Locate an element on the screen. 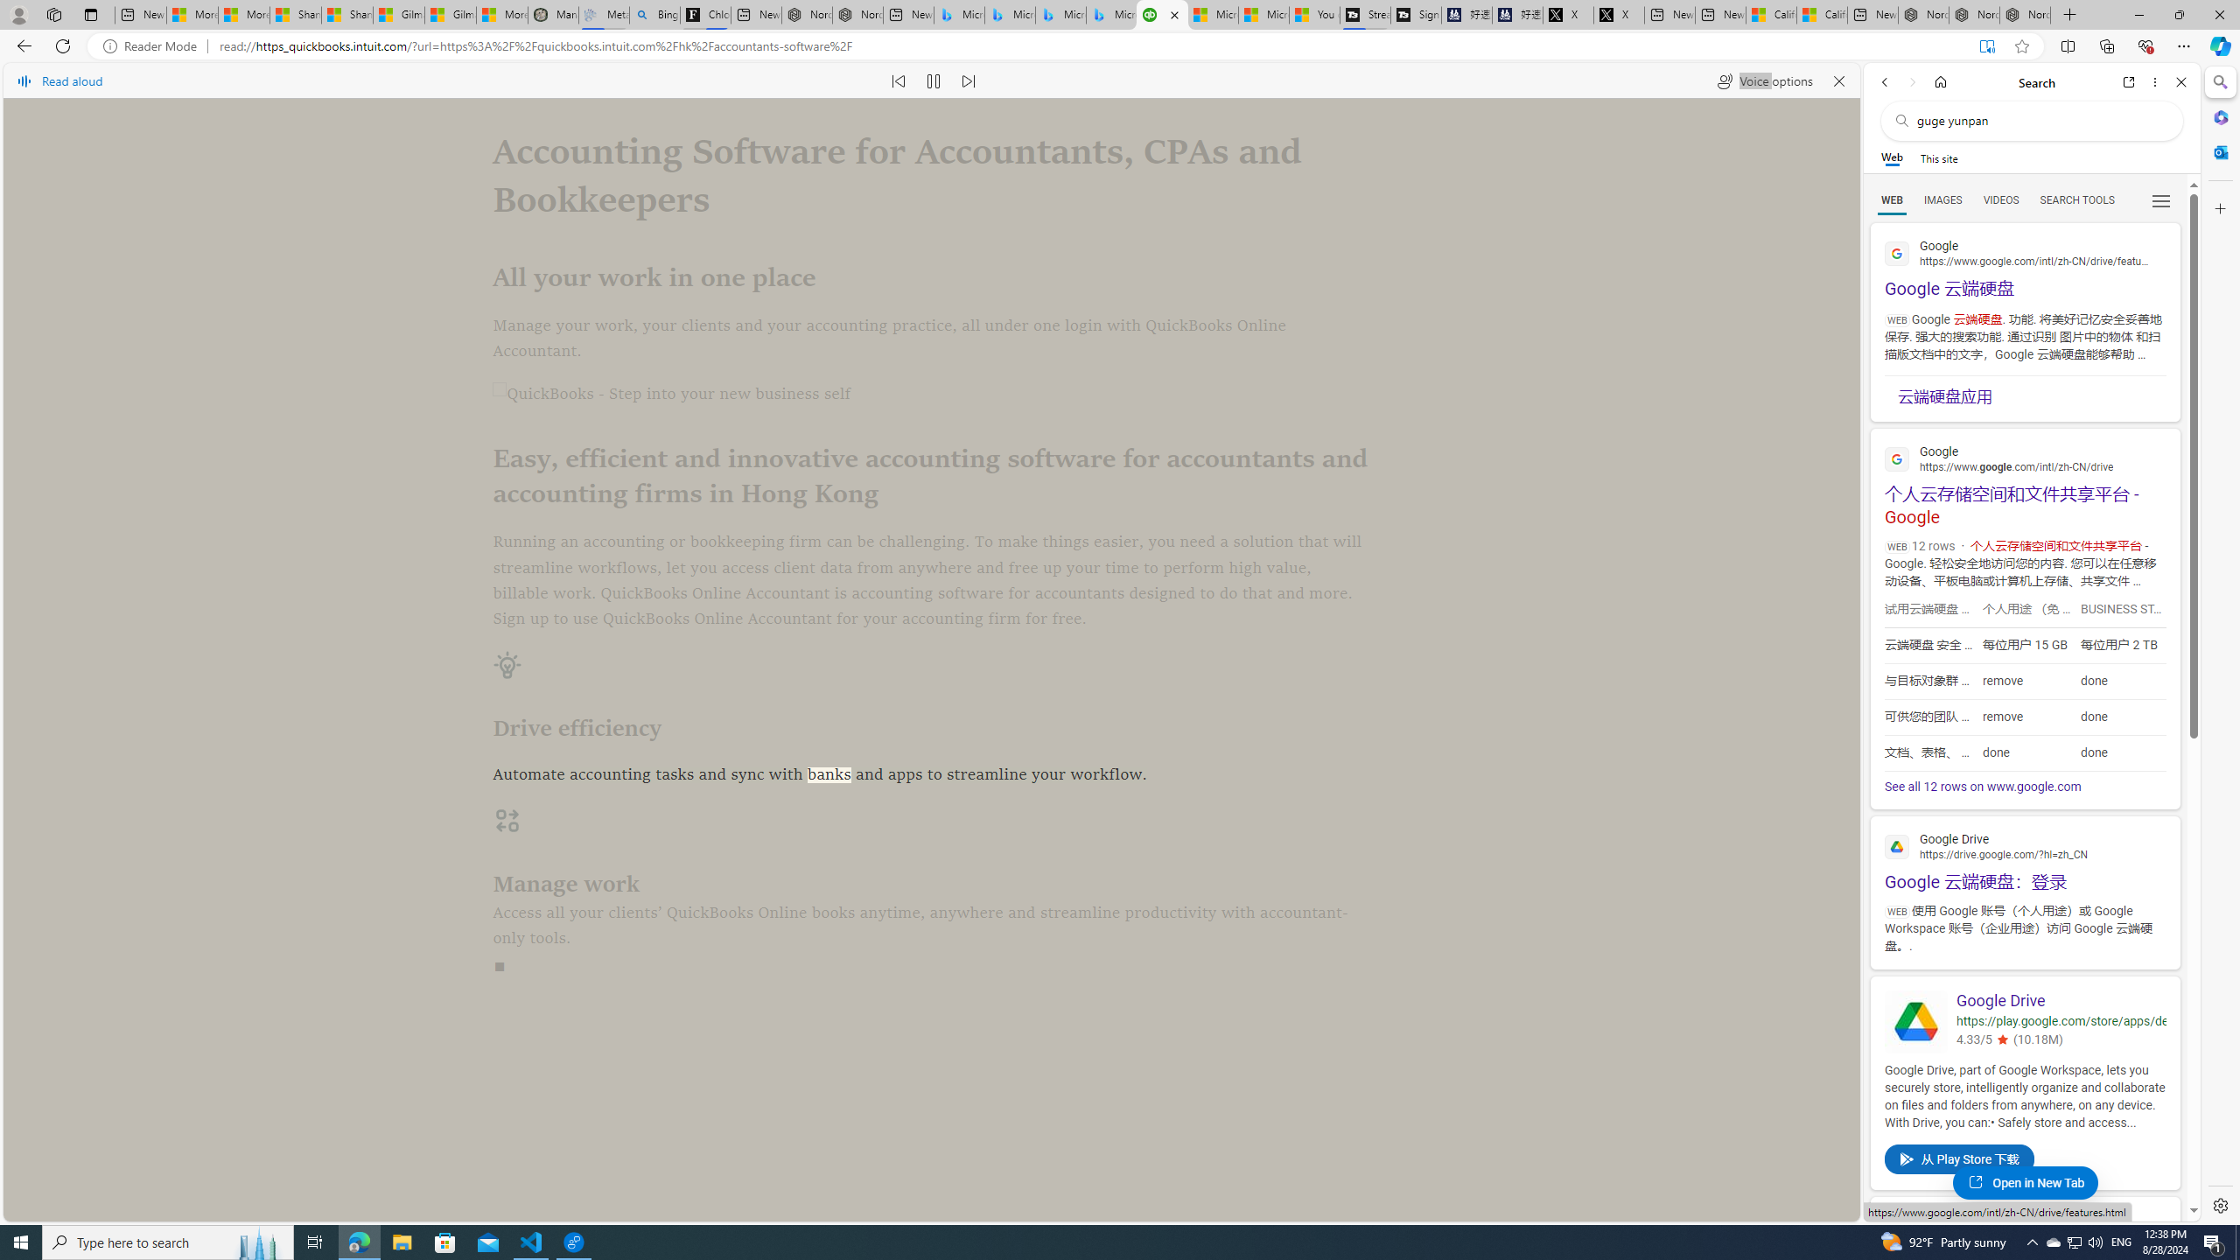 The image size is (2240, 1260). 'Manatee Mortality Statistics | FWC' is located at coordinates (552, 14).